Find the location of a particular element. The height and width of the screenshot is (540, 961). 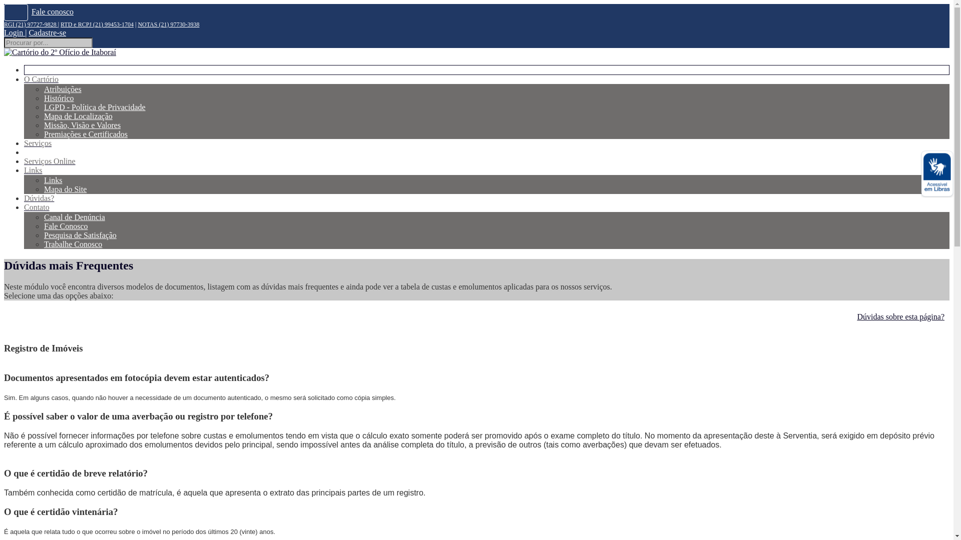

'Fale conosco' is located at coordinates (52, 11).